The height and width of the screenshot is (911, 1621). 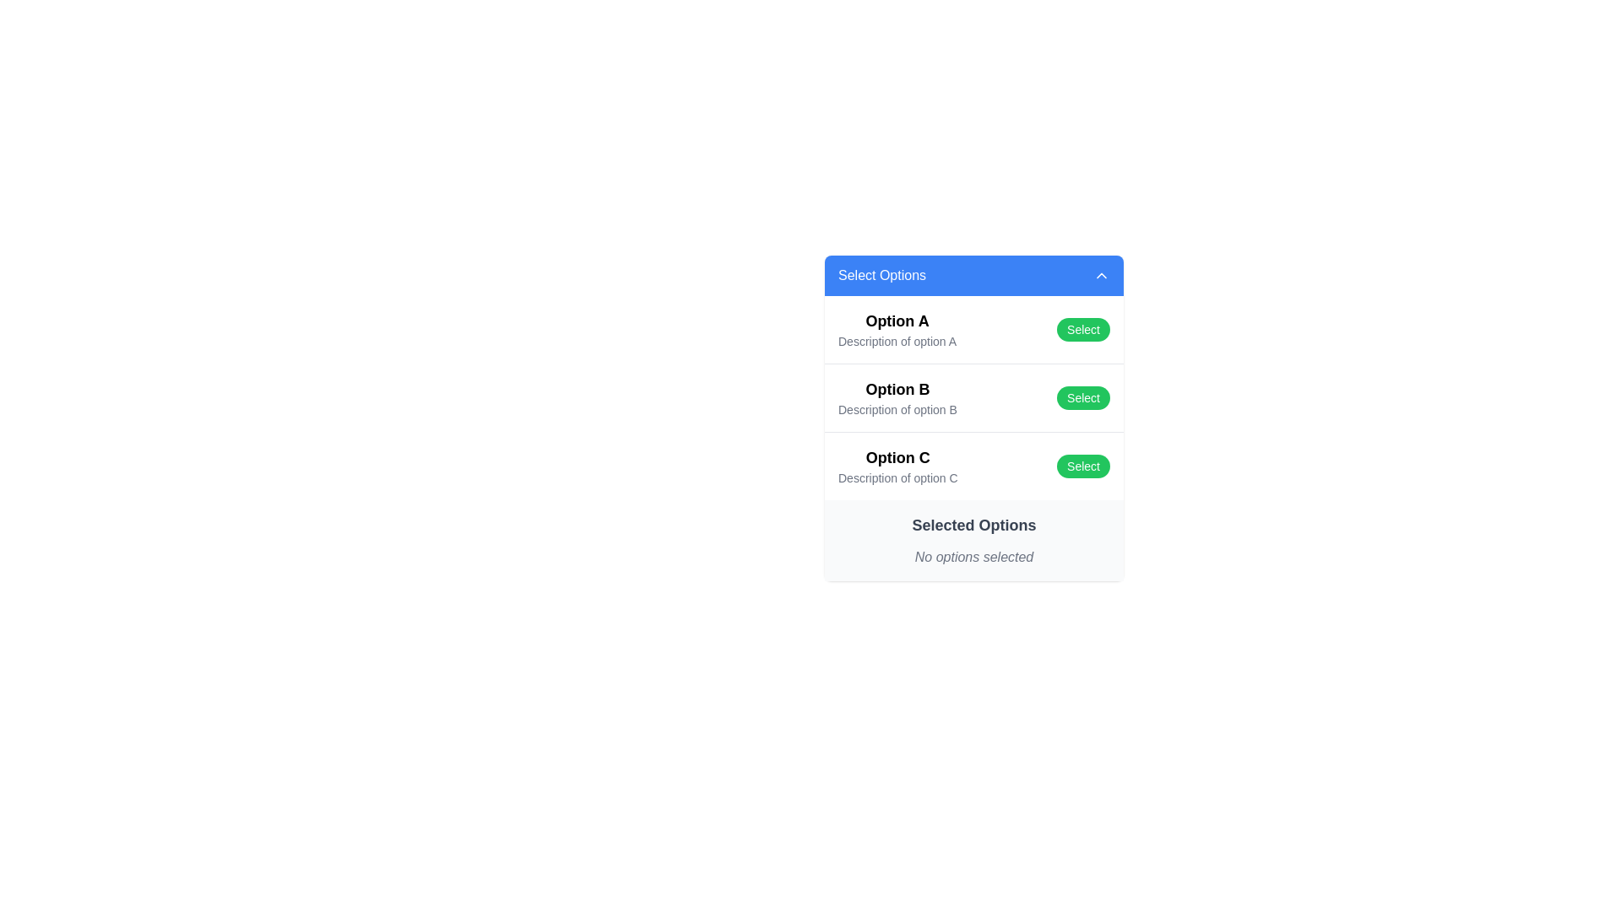 What do you see at coordinates (1083, 466) in the screenshot?
I see `the 'Select' button located to the right of the text 'Option C'` at bounding box center [1083, 466].